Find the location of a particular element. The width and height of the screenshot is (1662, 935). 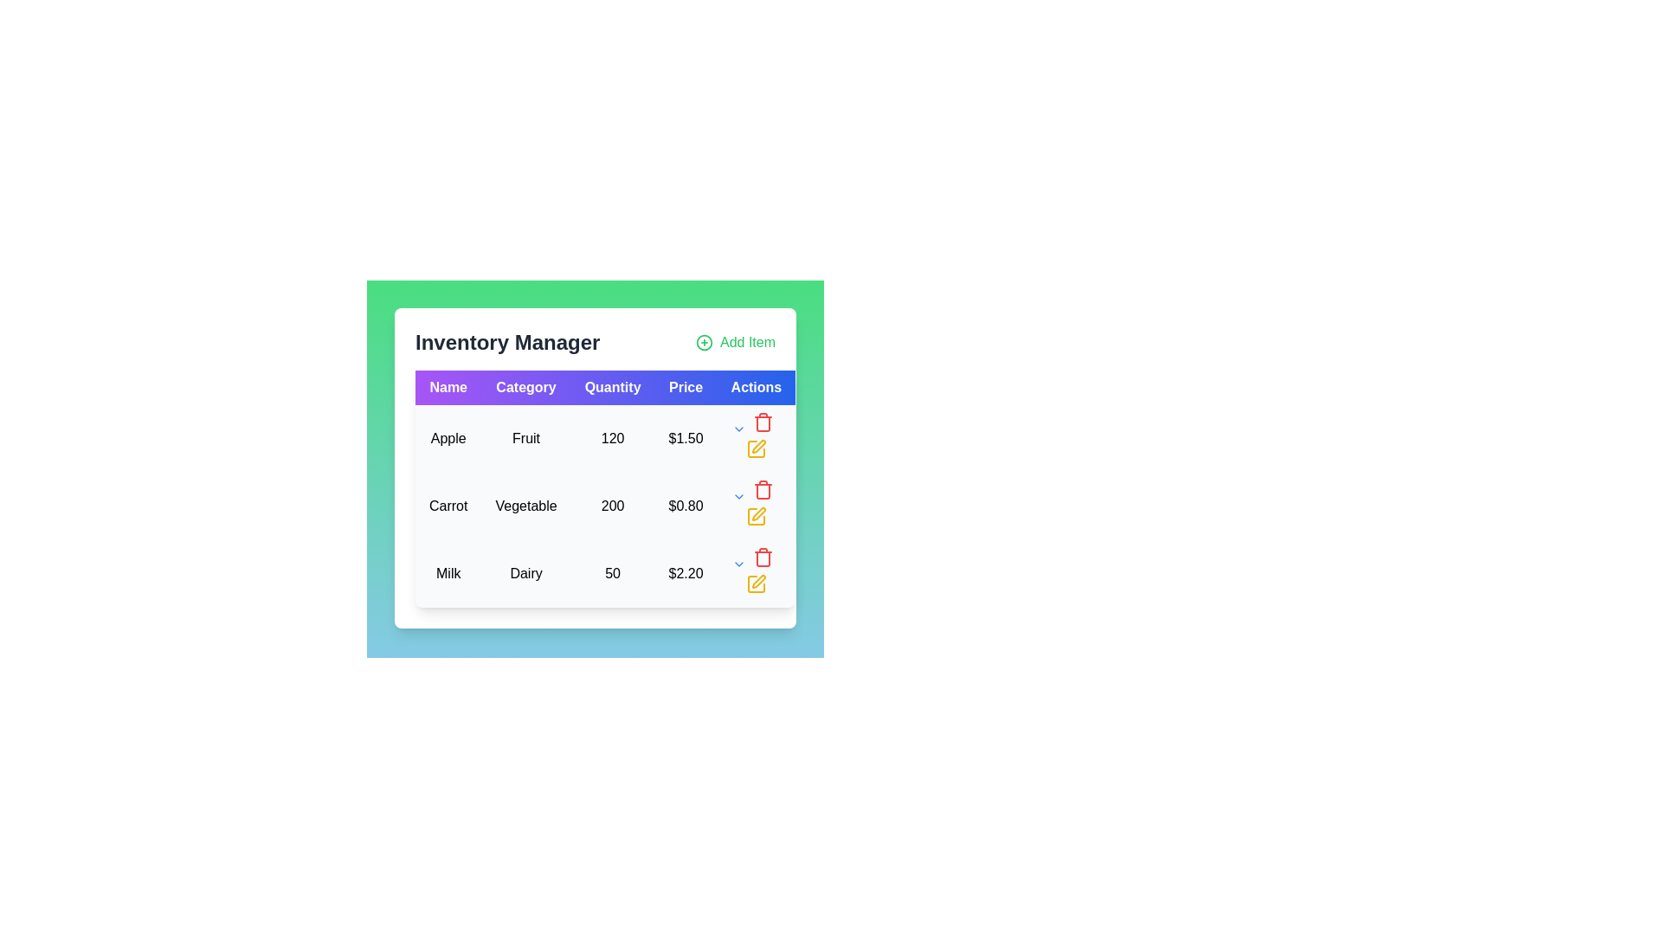

the Dropdown activator icon in the 'Actions' column of the second row to change its color is located at coordinates (738, 496).